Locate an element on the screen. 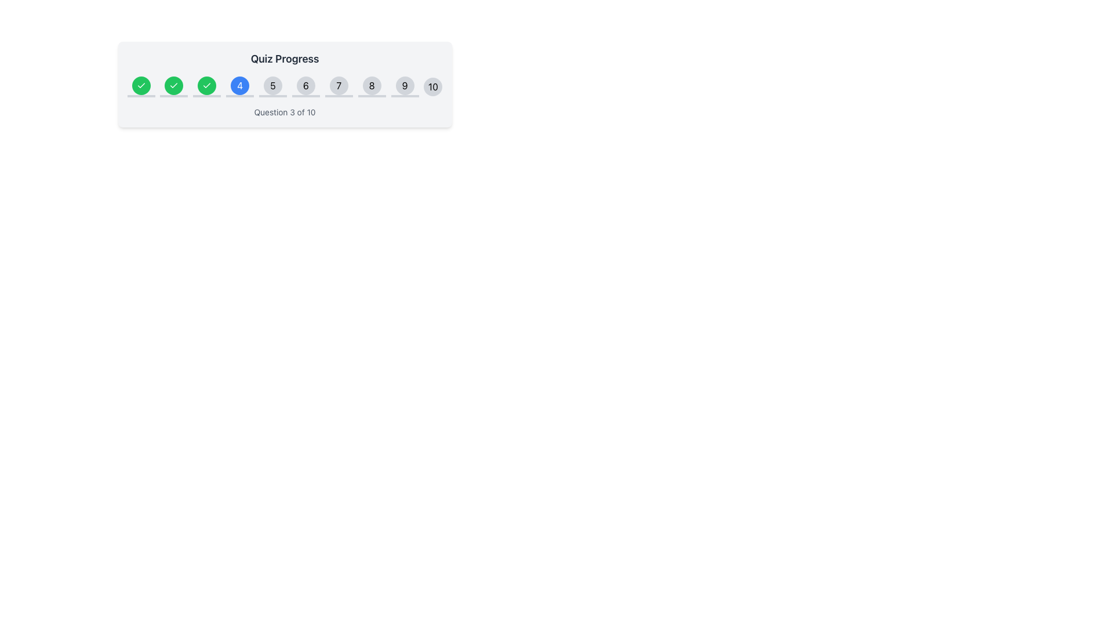 This screenshot has width=1113, height=626. the fifth circular marker in the progress tracker, which indicates the fifth step in the sequence is located at coordinates (272, 85).